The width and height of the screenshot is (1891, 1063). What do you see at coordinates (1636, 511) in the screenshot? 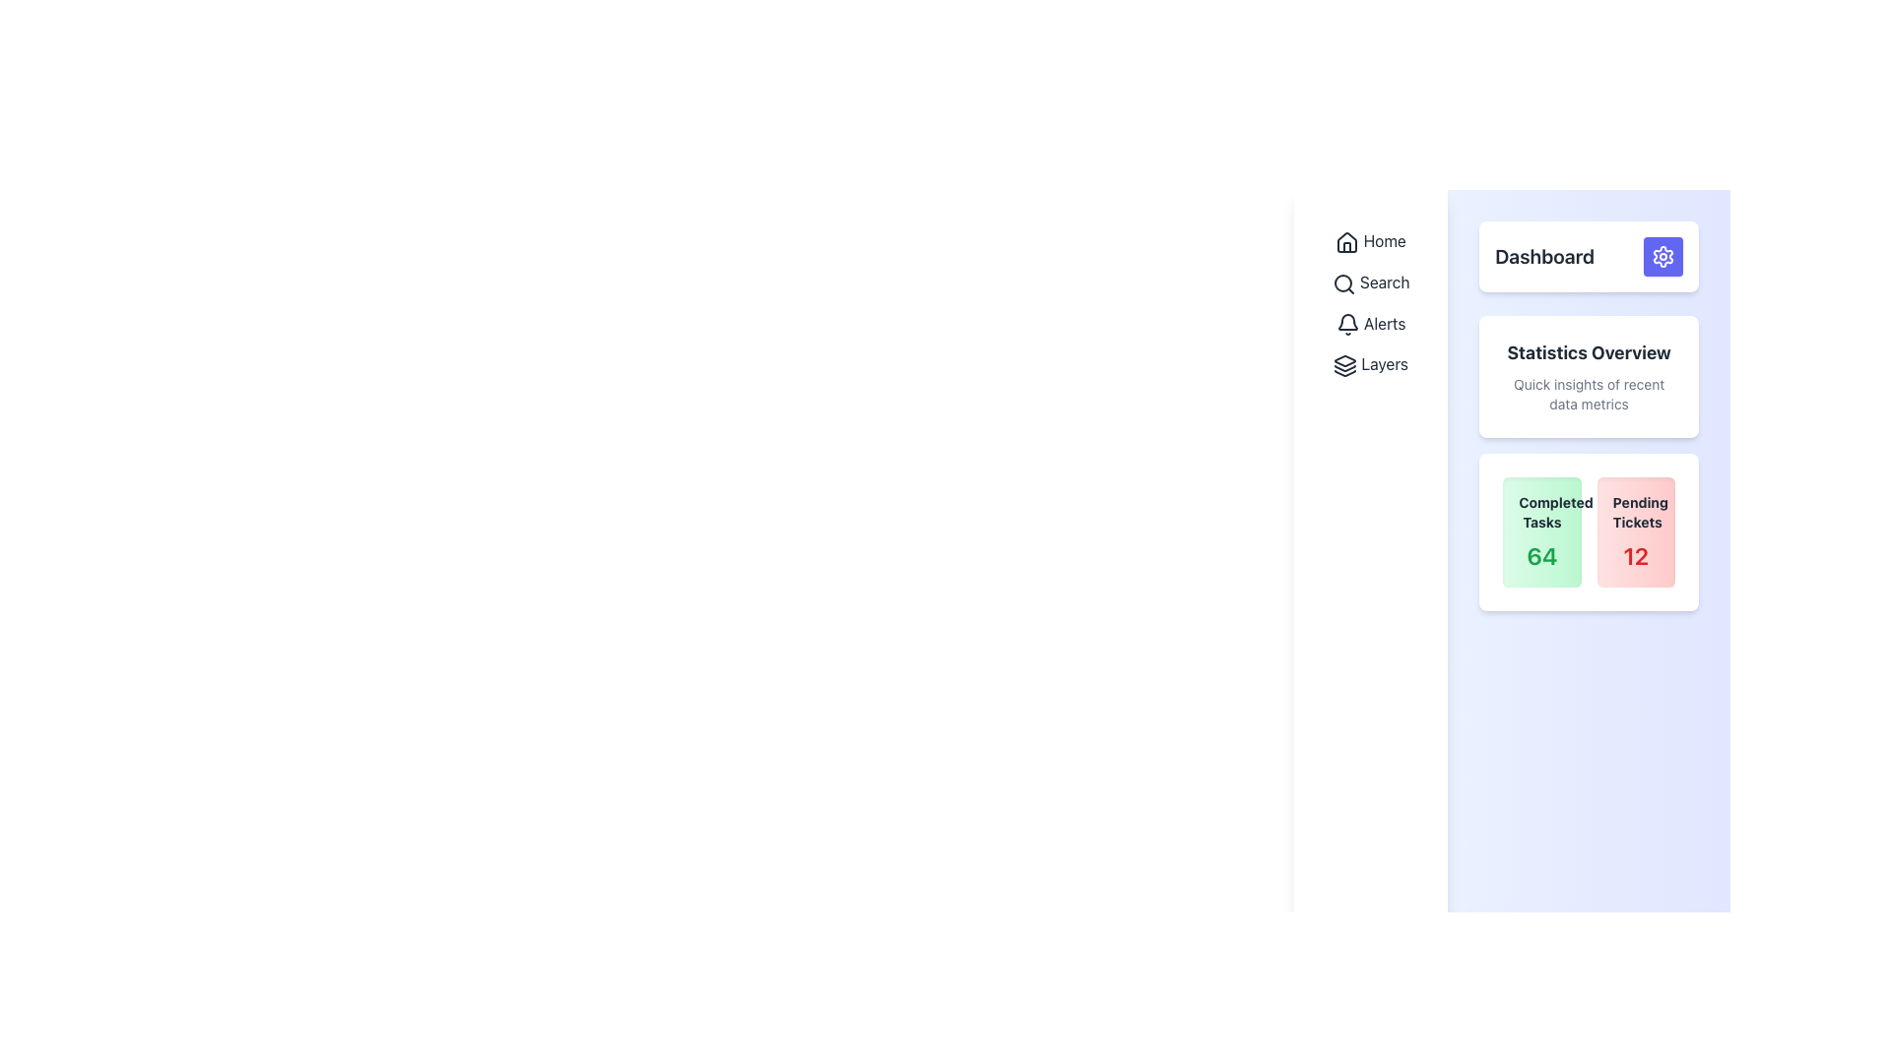
I see `text label that indicates the count of pending tickets, located centrally in the bottom right card of the 'Statistics Overview' section, above the number '12'` at bounding box center [1636, 511].